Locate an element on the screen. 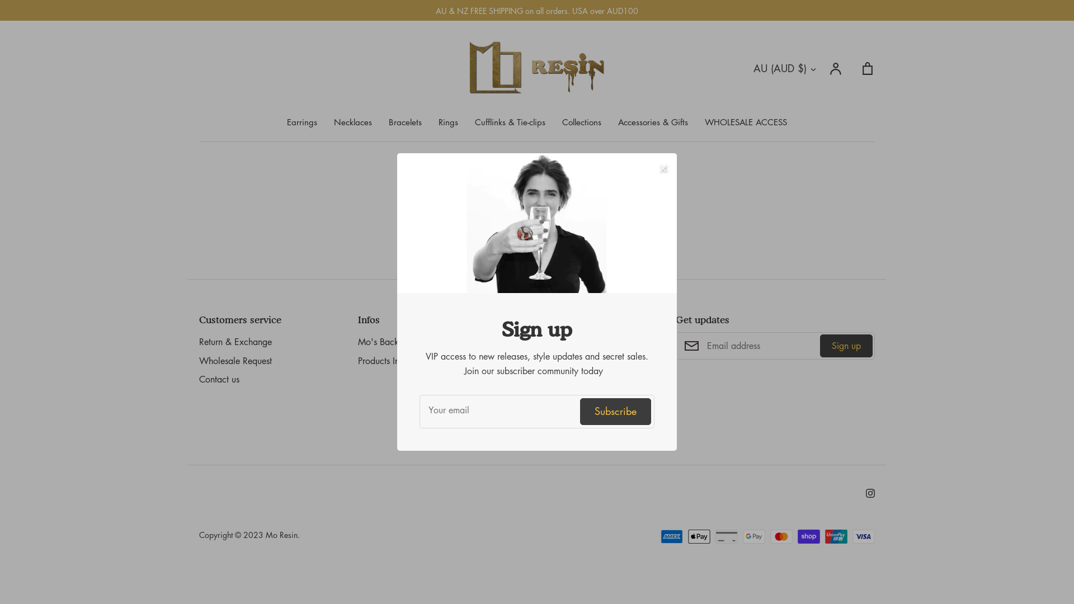 The image size is (1074, 604). 'Collections' is located at coordinates (582, 122).